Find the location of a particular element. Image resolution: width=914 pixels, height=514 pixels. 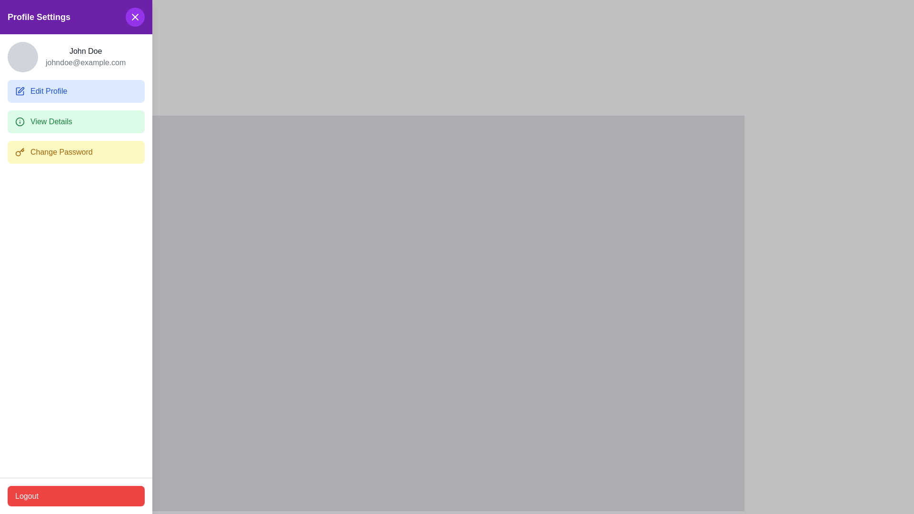

the logout button located at the bottom-left corner of the user interface to initiate the logout process is located at coordinates (75, 495).